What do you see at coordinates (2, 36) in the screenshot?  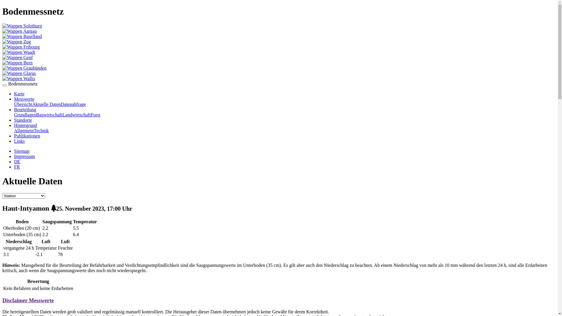 I see `'Kanton Baselland'` at bounding box center [2, 36].